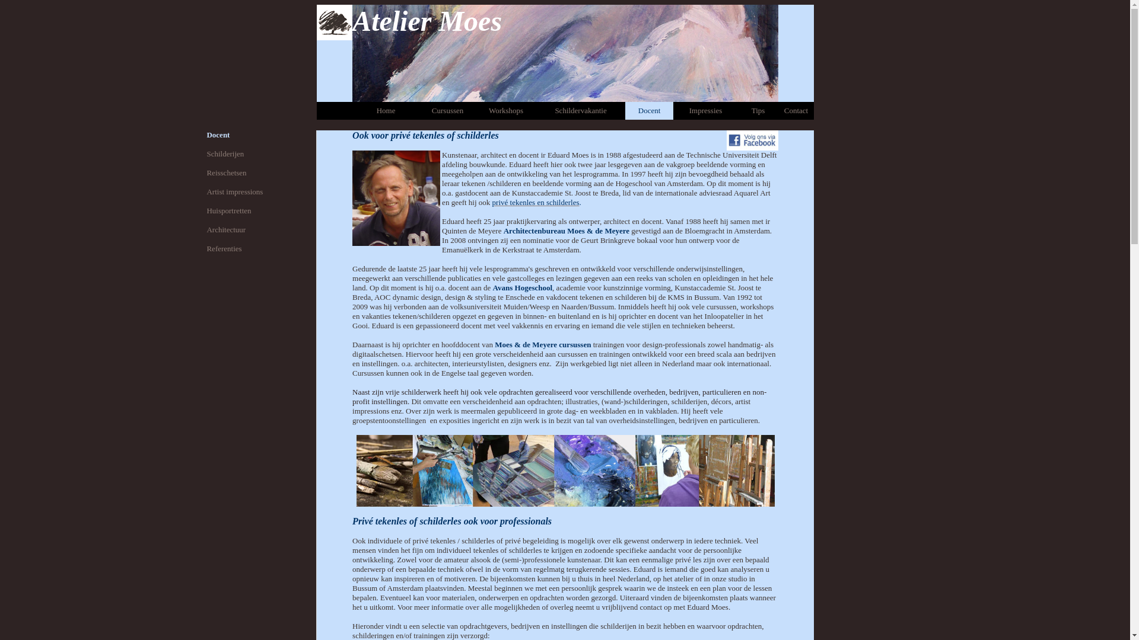 This screenshot has height=640, width=1139. What do you see at coordinates (226, 172) in the screenshot?
I see `'Reisschetsen'` at bounding box center [226, 172].